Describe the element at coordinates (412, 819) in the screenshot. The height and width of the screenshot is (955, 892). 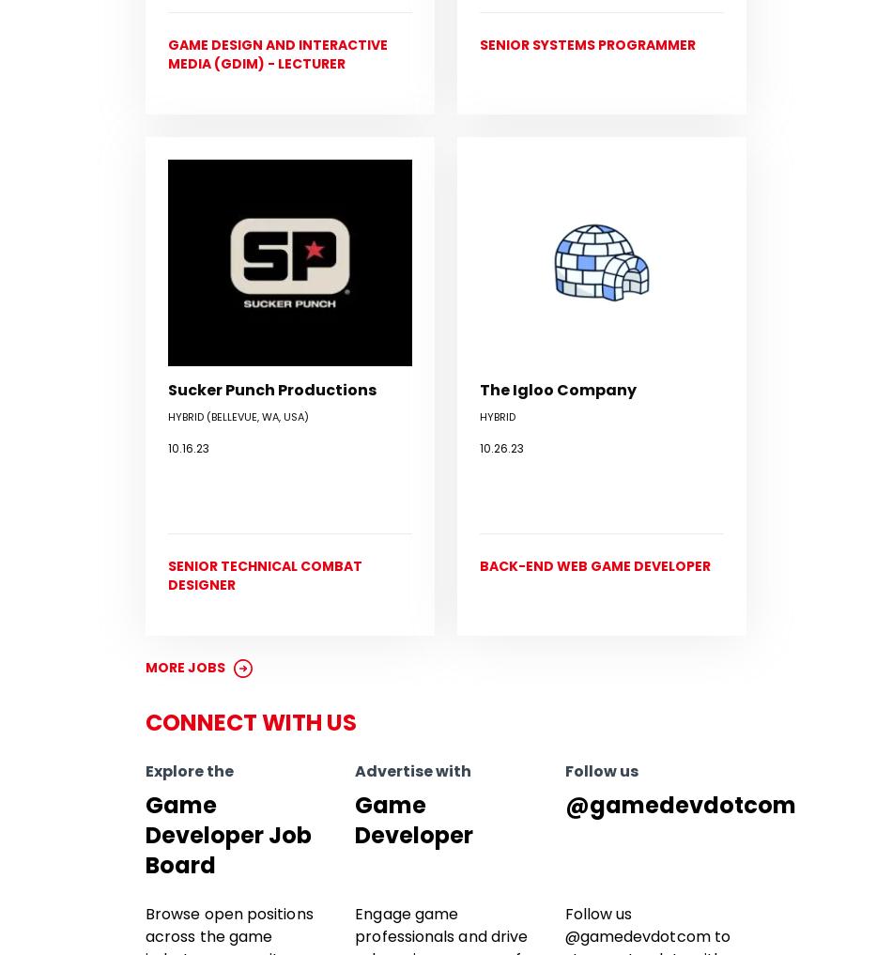
I see `'Game Developer'` at that location.